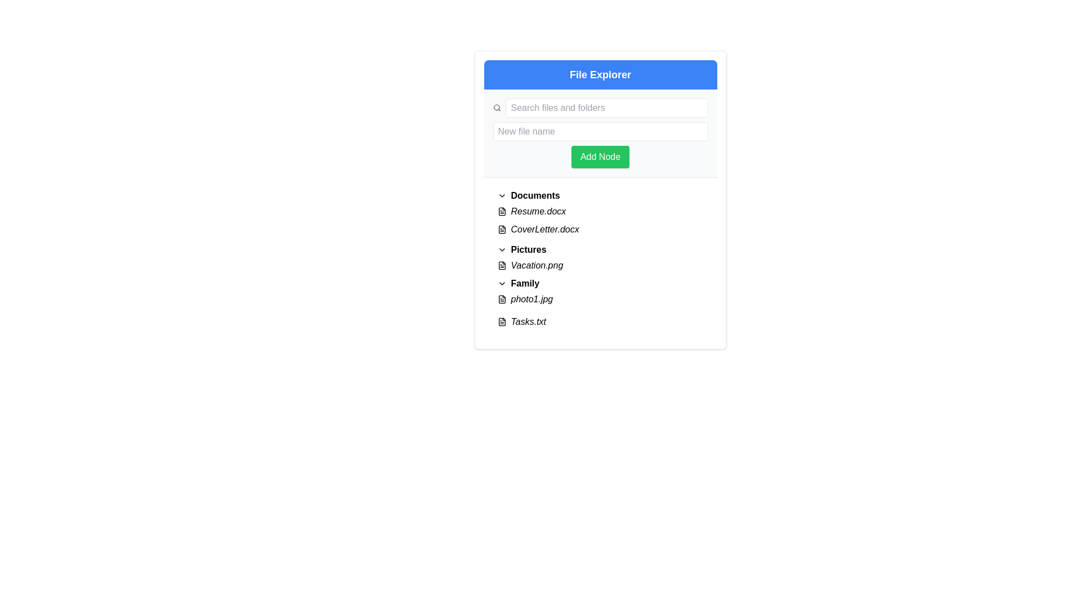  Describe the element at coordinates (600, 214) in the screenshot. I see `the 'Documents' category in the file explorer` at that location.